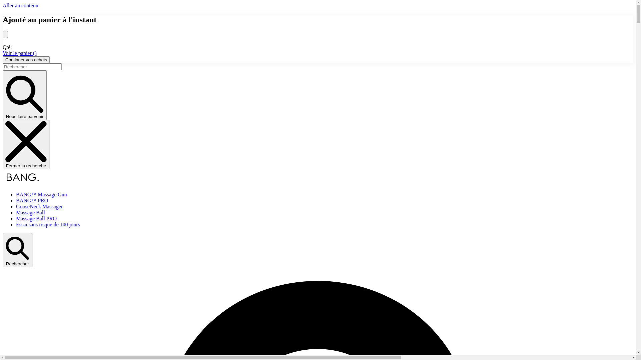  I want to click on 'Nous faire parvenir', so click(24, 95).